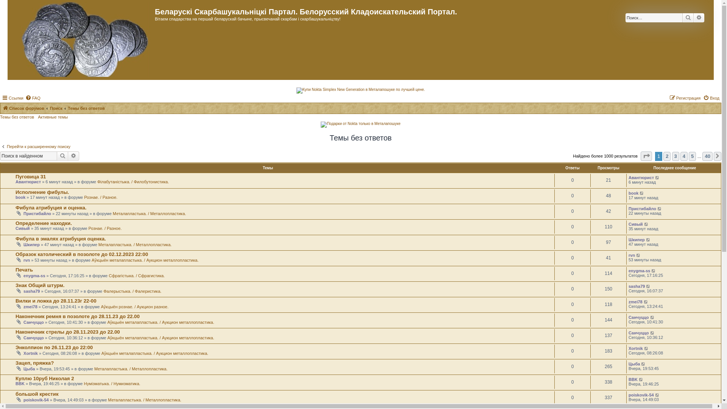 The height and width of the screenshot is (409, 727). Describe the element at coordinates (635, 301) in the screenshot. I see `'zmei78'` at that location.